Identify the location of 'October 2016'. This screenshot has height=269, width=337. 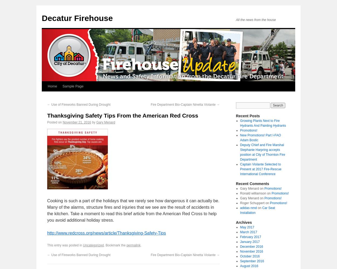
(250, 256).